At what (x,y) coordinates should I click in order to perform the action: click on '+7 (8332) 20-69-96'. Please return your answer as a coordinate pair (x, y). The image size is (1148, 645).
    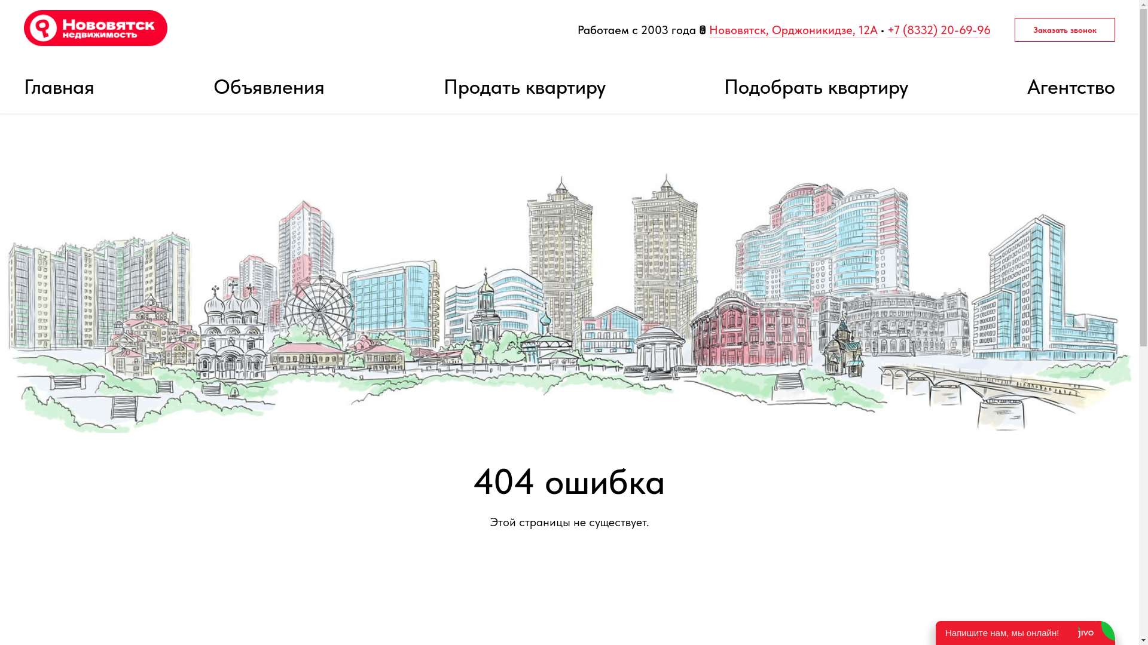
    Looking at the image, I should click on (938, 29).